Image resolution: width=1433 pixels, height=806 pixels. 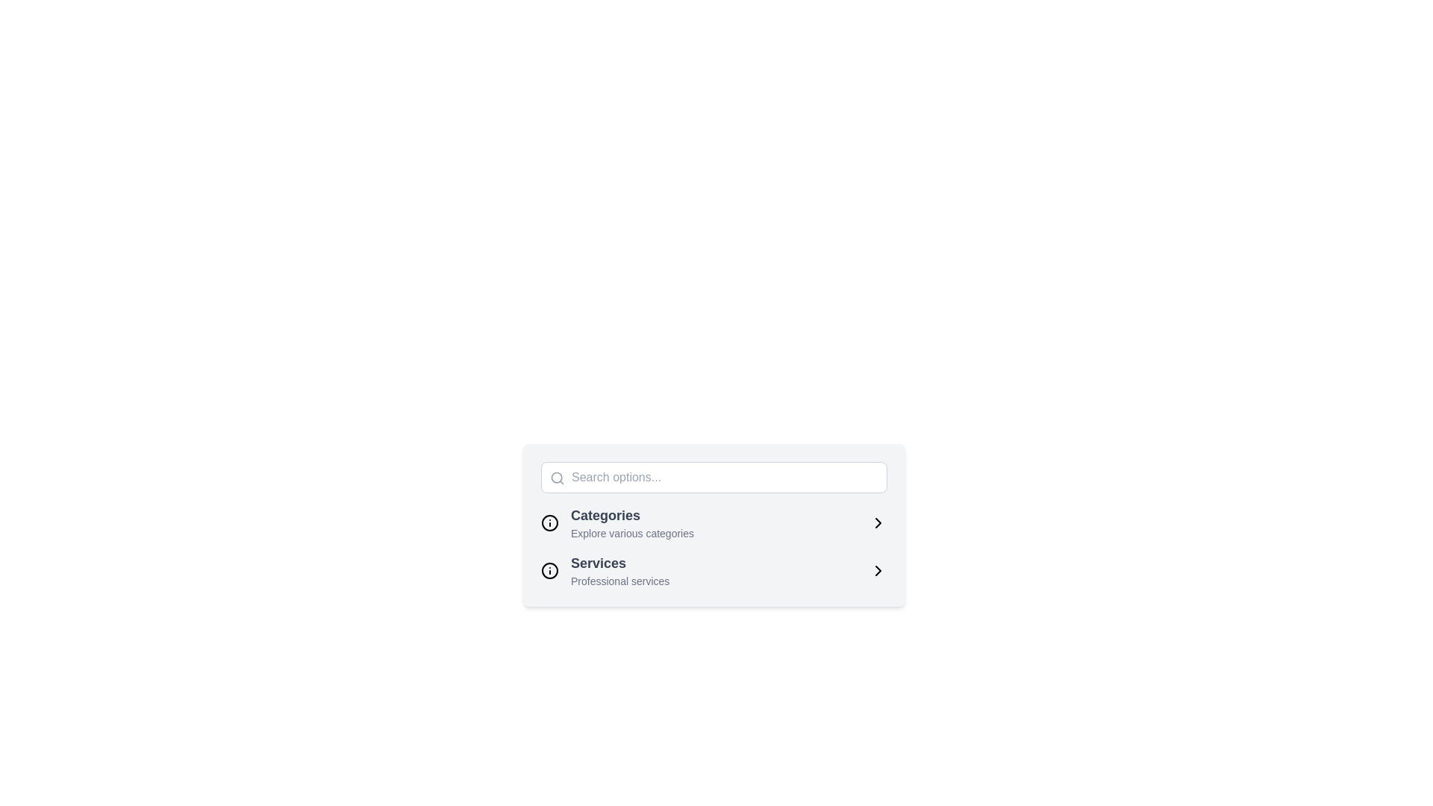 I want to click on the circular icon with a thick black border and inner design suggesting information or help, which is located to the left of the 'Services' and 'Professional services' text, so click(x=549, y=570).